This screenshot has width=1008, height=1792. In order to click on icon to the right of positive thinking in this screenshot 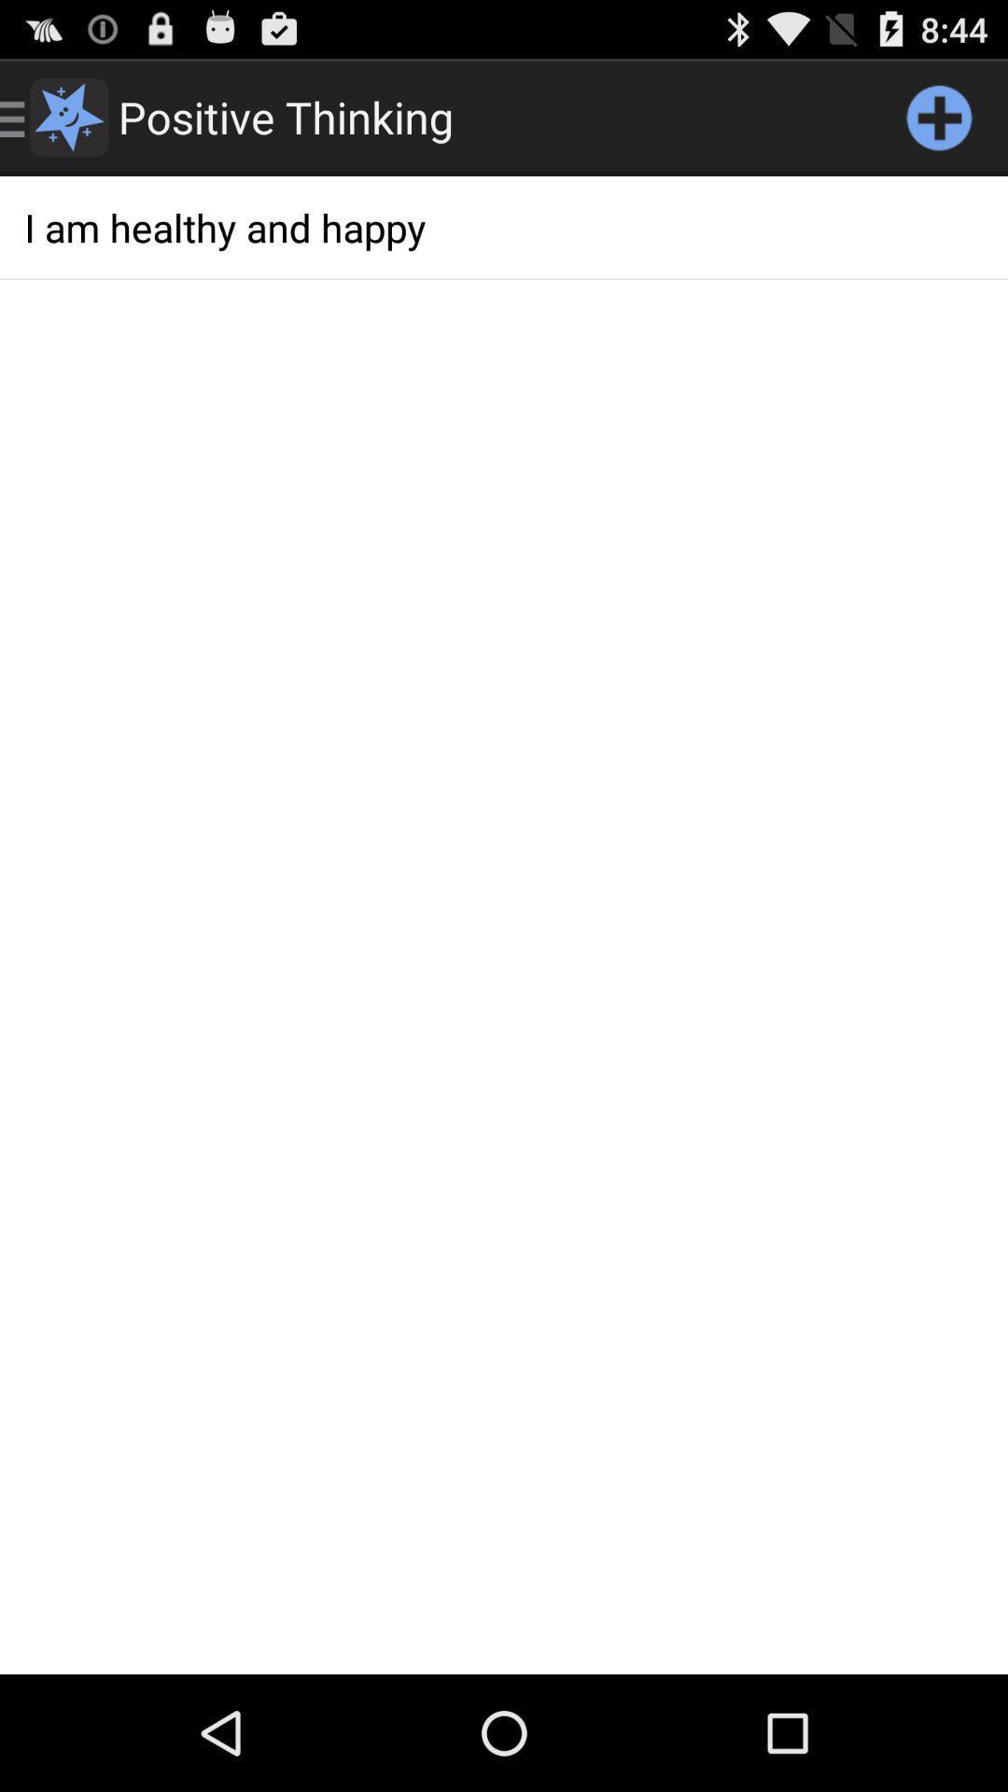, I will do `click(939, 116)`.